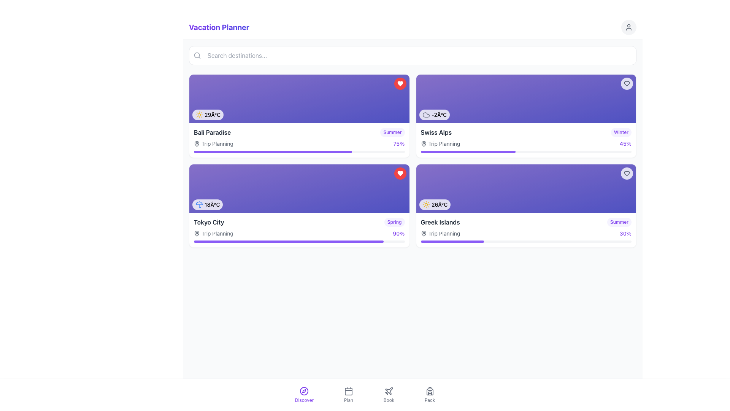  What do you see at coordinates (440, 144) in the screenshot?
I see `the 'Trip Planning' label which includes a location pin icon, located below the 'Swiss Alps' label and above the progress bar` at bounding box center [440, 144].